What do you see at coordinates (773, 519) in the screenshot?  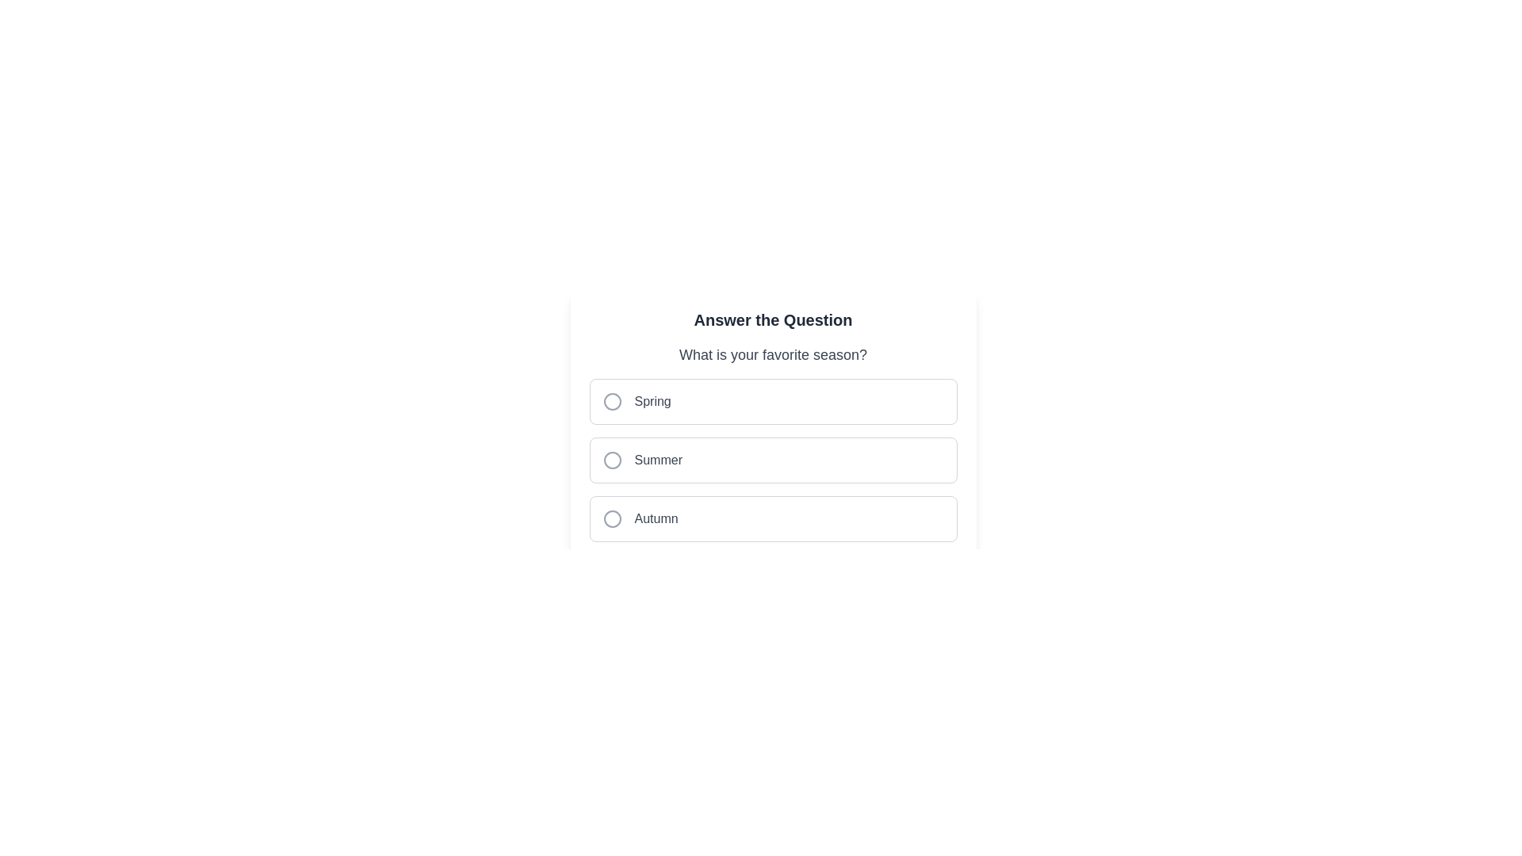 I see `the radio button labeled 'Autumn'` at bounding box center [773, 519].